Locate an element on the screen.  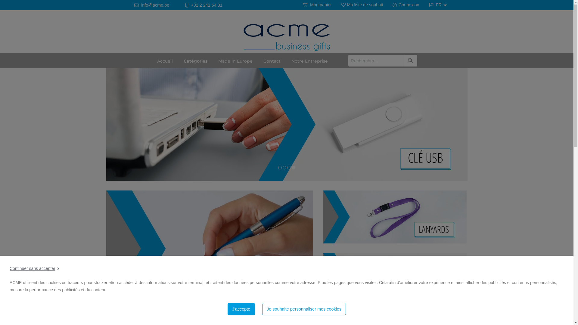
'Je souhaite personnaliser mes cookies' is located at coordinates (304, 309).